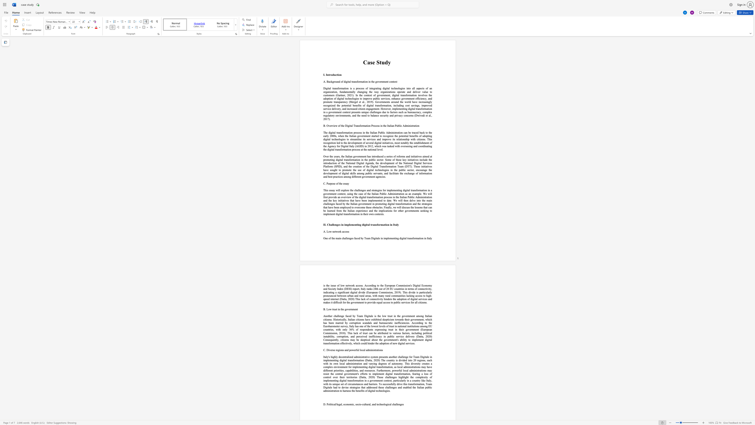 This screenshot has width=755, height=425. Describe the element at coordinates (373, 387) in the screenshot. I see `the subset text "ssed these challenges an" within the text "efforts to implement digital transformation, fearing a loss of control over their territories (Datta, 2020) These challenges highlight the complexity of implementing digital transformation in a government context, particularly in a country like Italy, with its unique set of circumstances and barriers. To successfully drive this transformation, Team Digitale had to devise strategies that addressed these challenges and enabled the Italian public administration to harness the benefits of digital technologies."` at that location.